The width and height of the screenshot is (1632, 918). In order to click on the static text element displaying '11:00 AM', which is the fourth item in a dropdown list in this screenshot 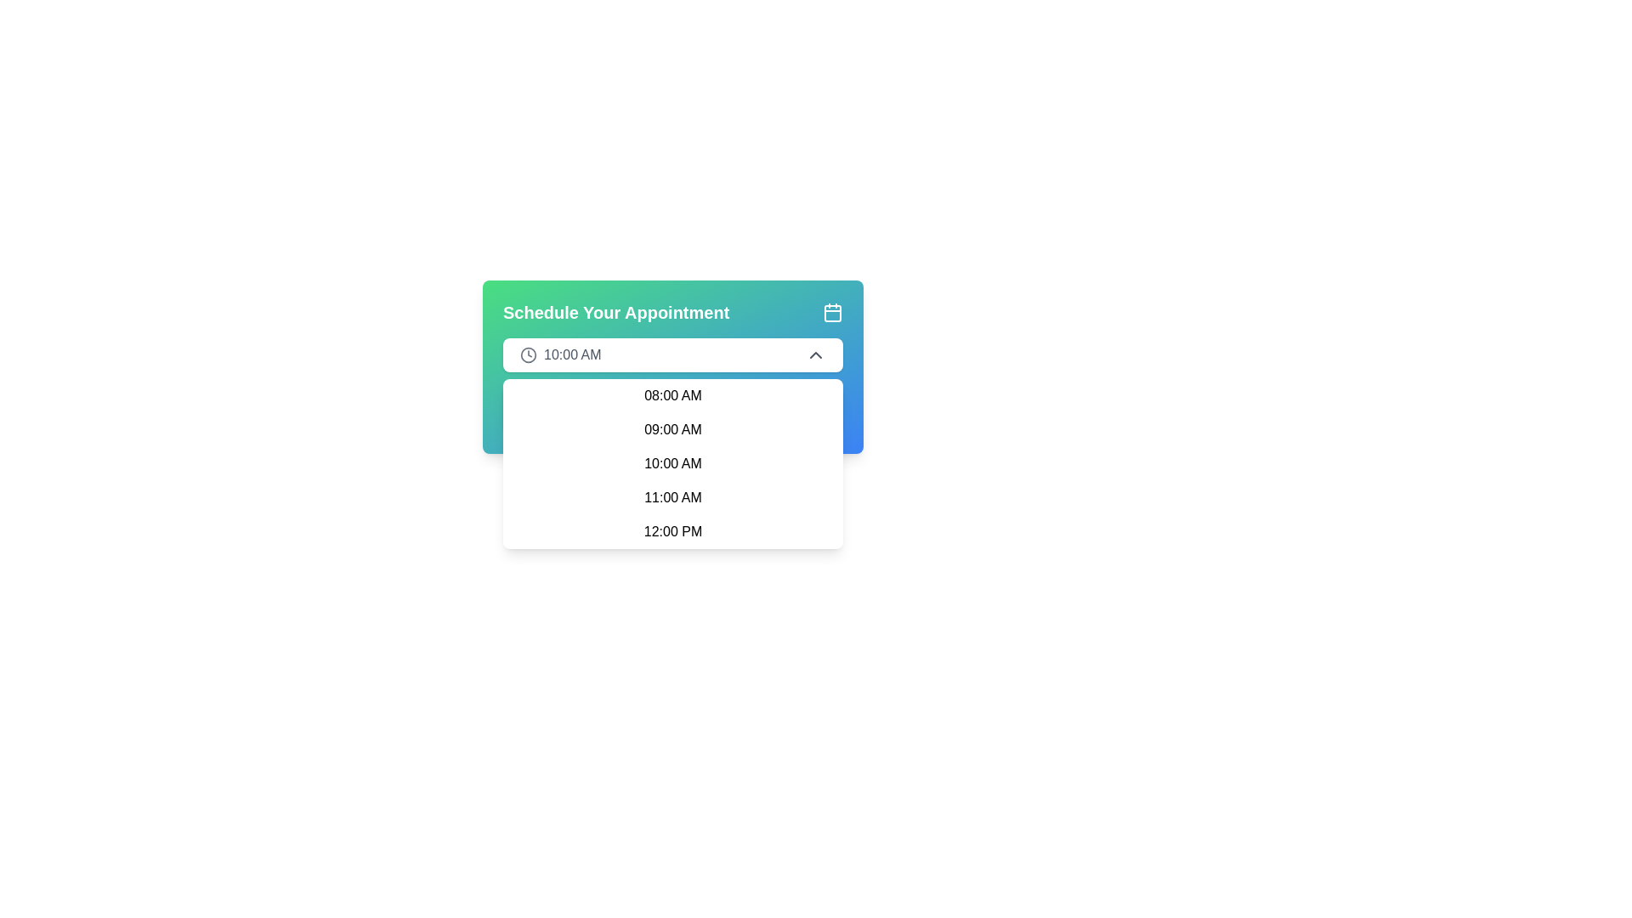, I will do `click(672, 497)`.